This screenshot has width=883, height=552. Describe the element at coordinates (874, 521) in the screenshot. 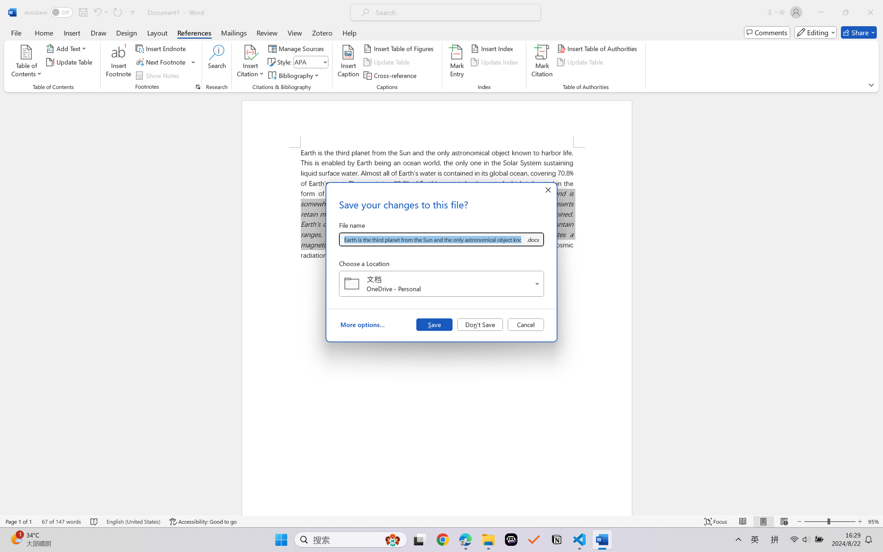

I see `'Zoom 95%'` at that location.